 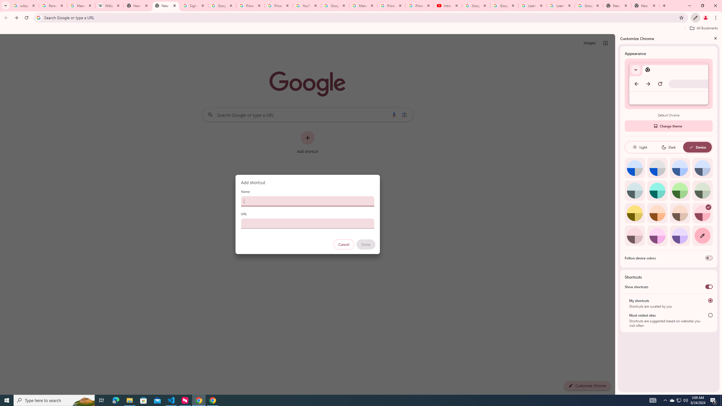 What do you see at coordinates (657, 168) in the screenshot?
I see `'Grey default color'` at bounding box center [657, 168].